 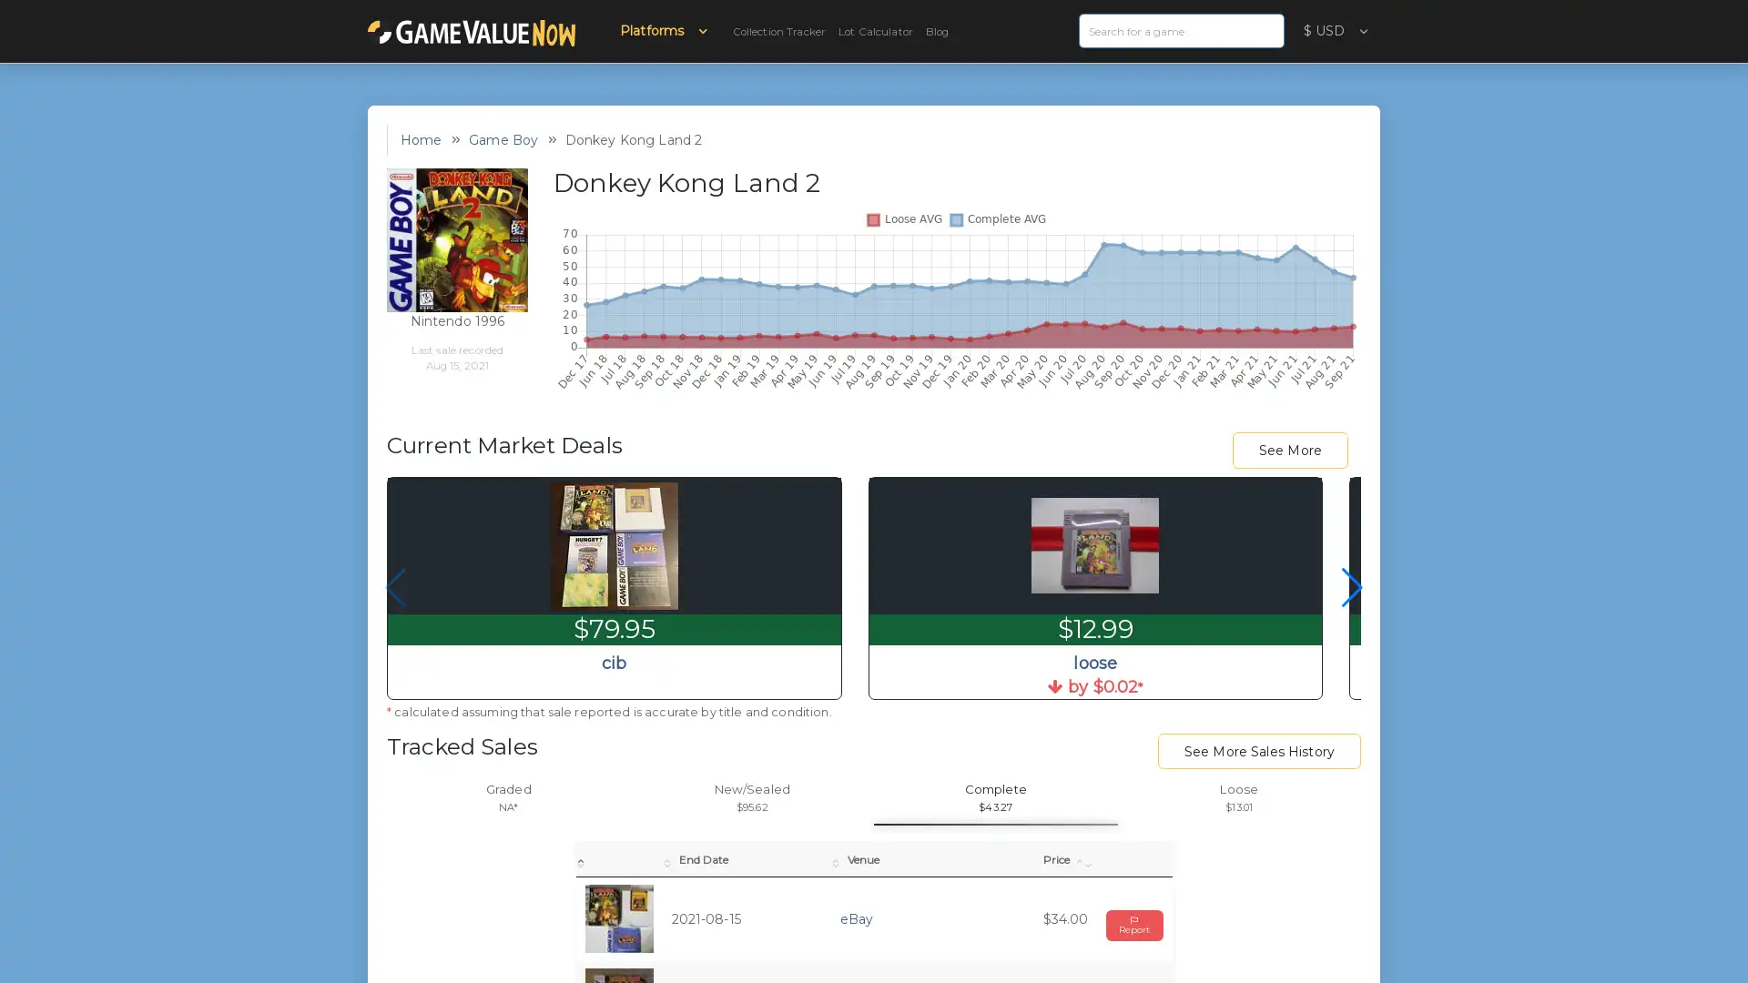 What do you see at coordinates (394, 587) in the screenshot?
I see `Previous slide` at bounding box center [394, 587].